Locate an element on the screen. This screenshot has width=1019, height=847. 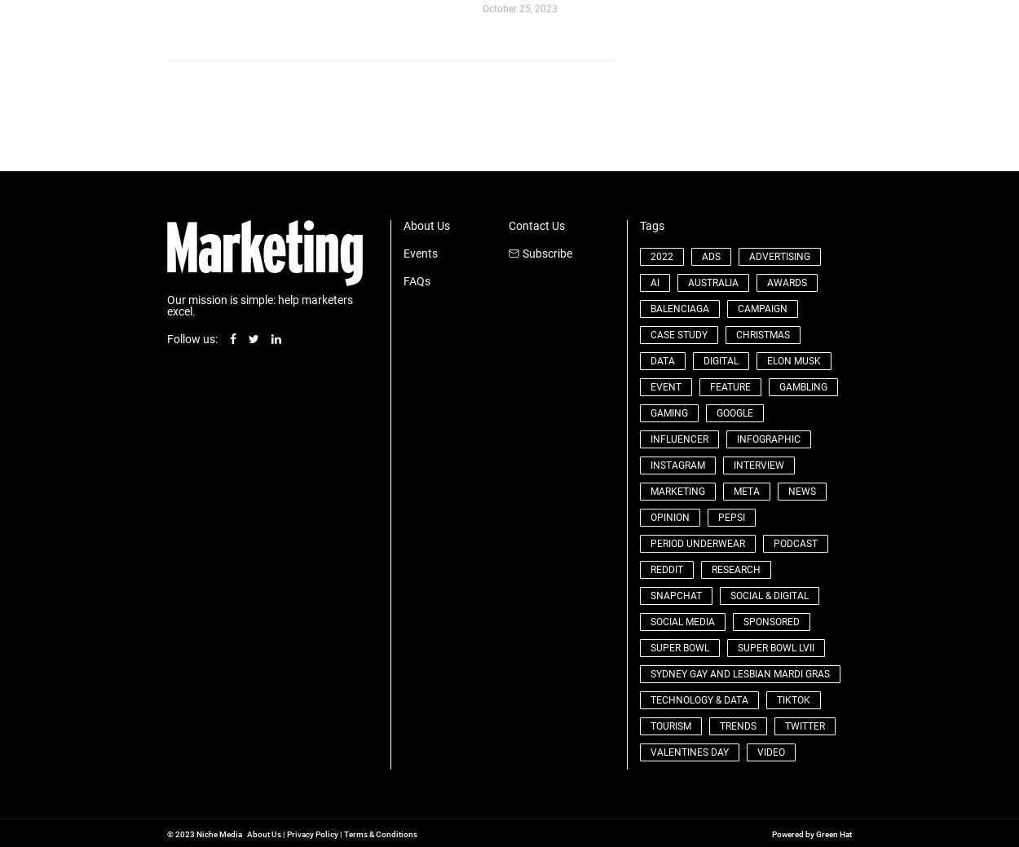
'ads' is located at coordinates (709, 255).